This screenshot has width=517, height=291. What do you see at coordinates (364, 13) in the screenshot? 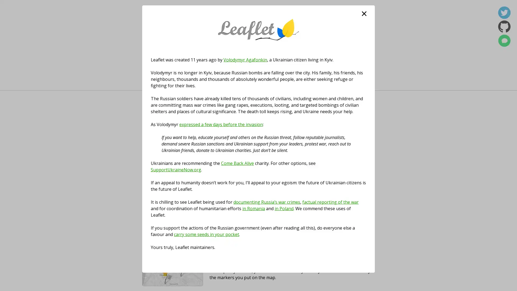
I see `close` at bounding box center [364, 13].